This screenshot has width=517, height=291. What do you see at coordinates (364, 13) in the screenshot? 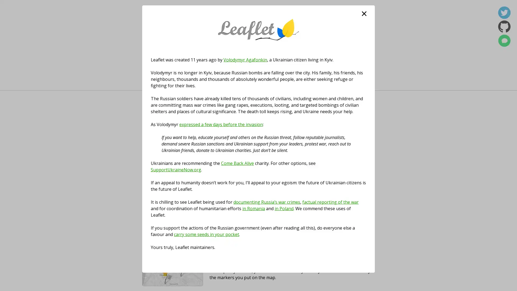
I see `close` at bounding box center [364, 13].